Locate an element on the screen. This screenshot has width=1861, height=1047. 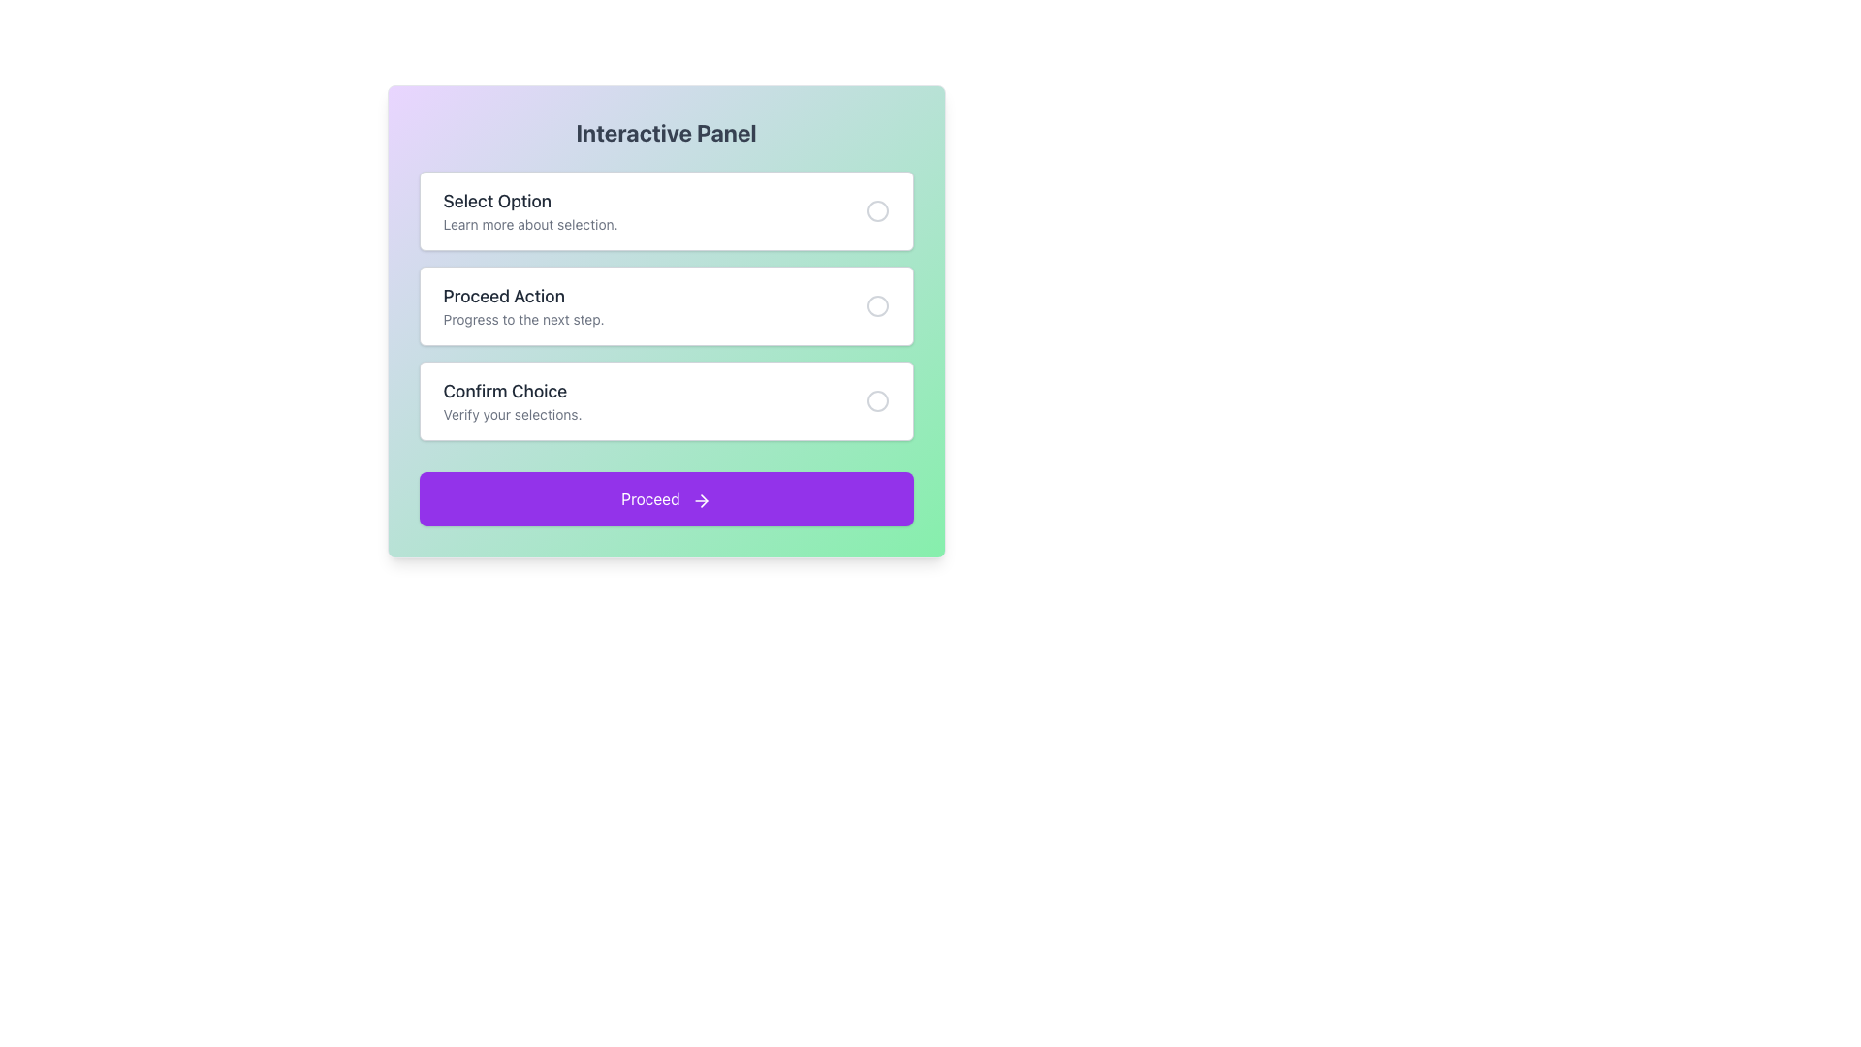
the interactive list item labeled 'Select Option' is located at coordinates (666, 211).